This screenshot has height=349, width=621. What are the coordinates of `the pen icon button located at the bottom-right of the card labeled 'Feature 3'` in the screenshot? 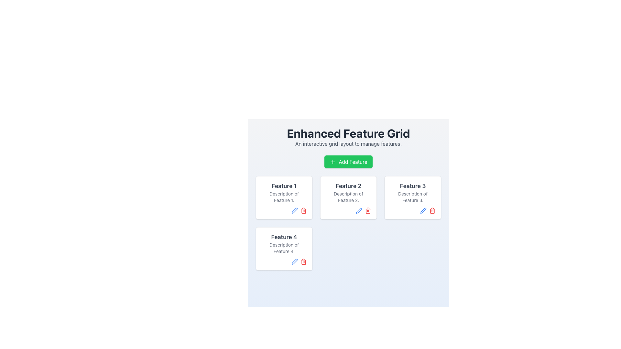 It's located at (423, 210).